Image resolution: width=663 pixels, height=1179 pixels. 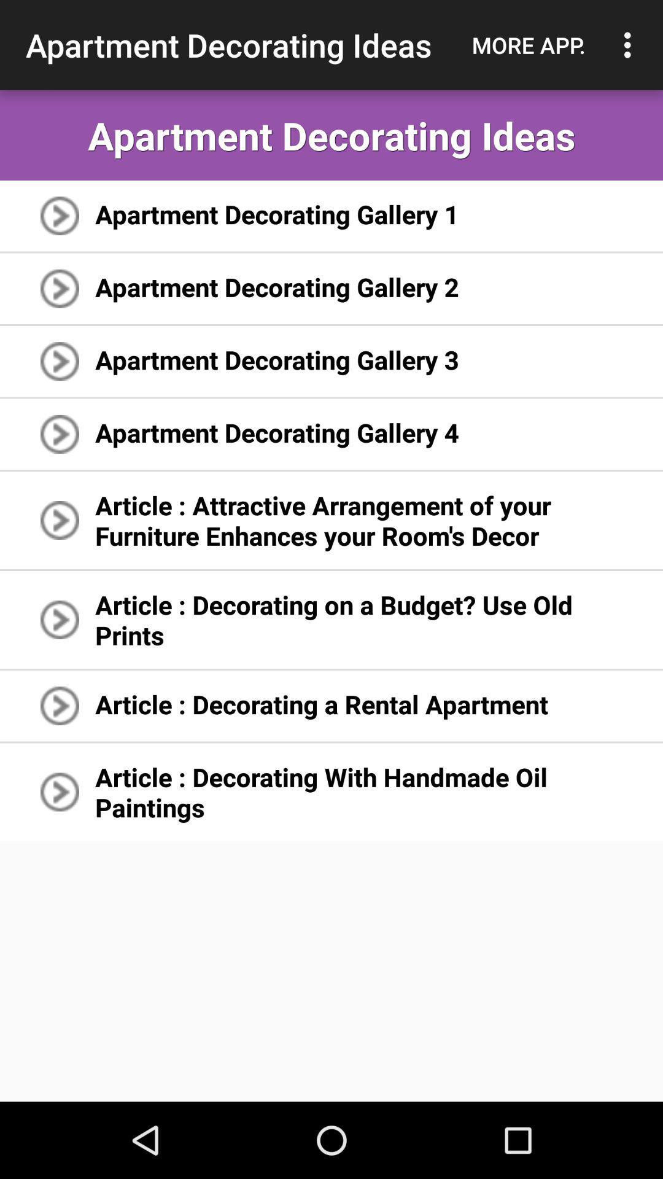 I want to click on icon next to more app., so click(x=630, y=45).